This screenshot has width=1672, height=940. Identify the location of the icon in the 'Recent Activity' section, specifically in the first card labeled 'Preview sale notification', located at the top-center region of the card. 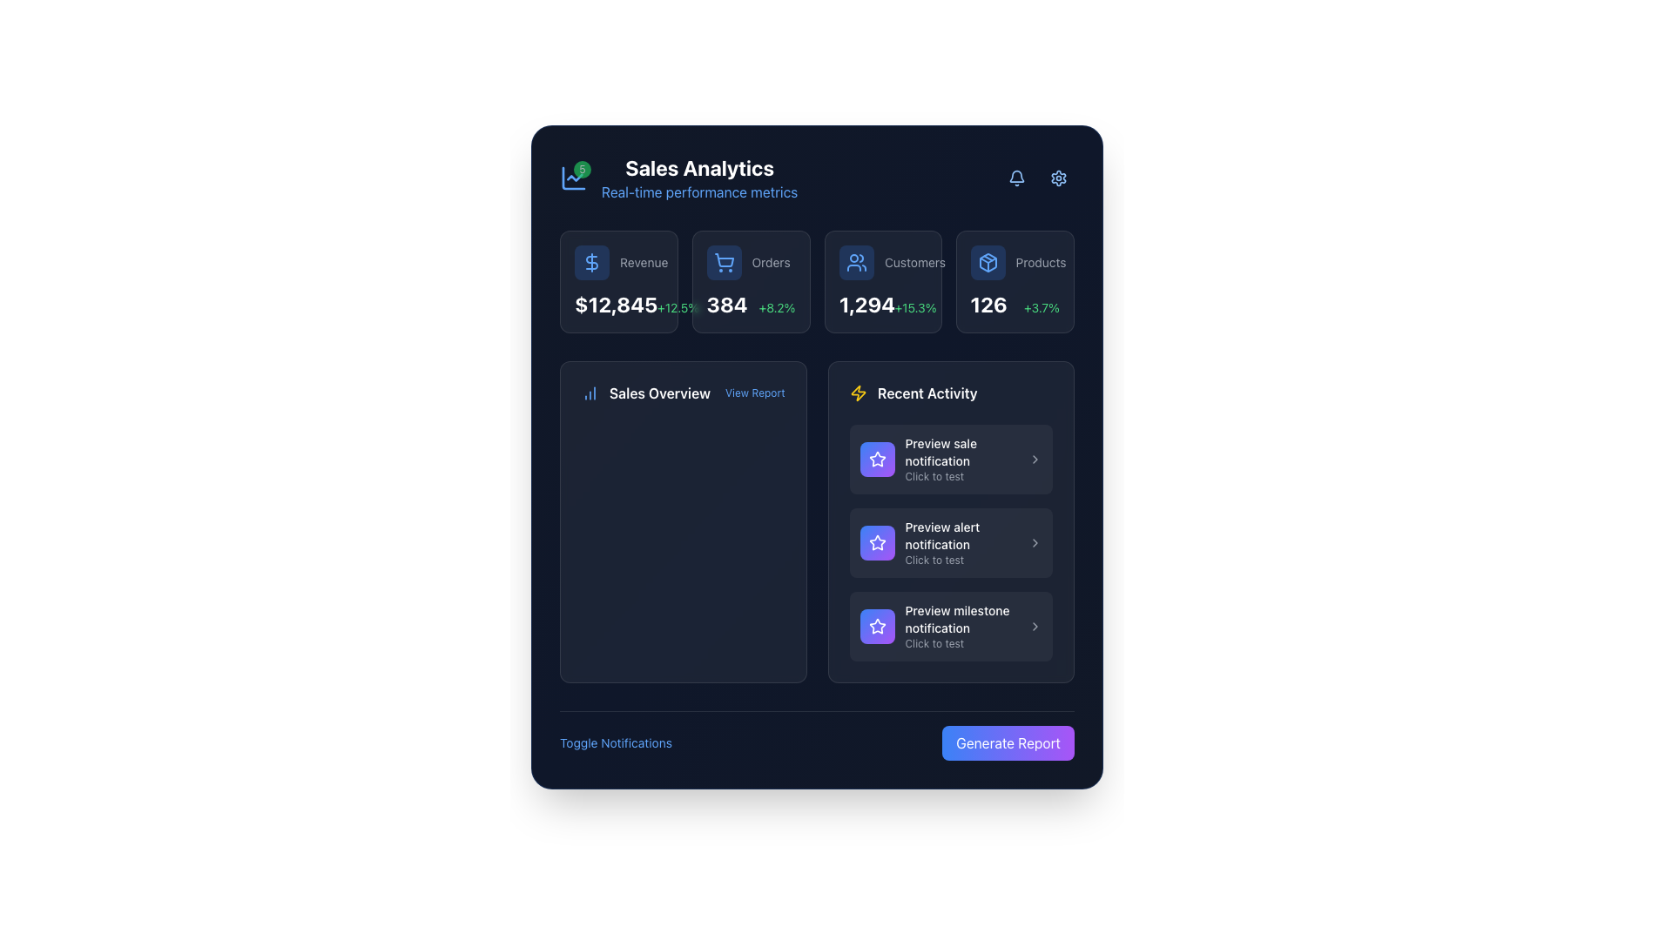
(877, 541).